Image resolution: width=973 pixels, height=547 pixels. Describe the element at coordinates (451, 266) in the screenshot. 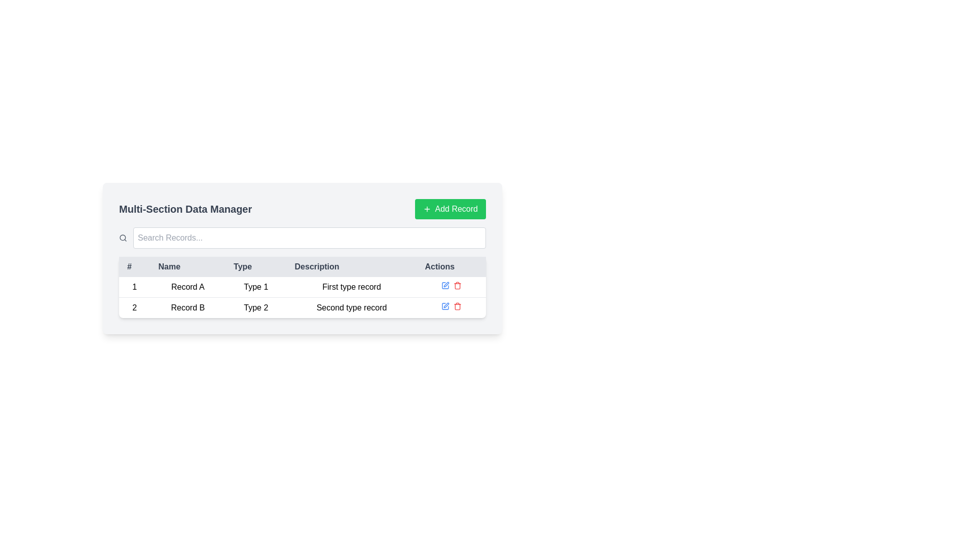

I see `the 'Actions' text header in the table layout, which is styled with a grey background and bold, dark font, located in the fifth column of the header row` at that location.